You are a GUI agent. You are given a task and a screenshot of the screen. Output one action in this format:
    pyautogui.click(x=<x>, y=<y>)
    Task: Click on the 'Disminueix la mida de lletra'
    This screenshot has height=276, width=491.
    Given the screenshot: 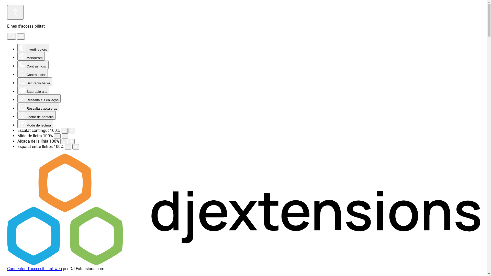 What is the action you would take?
    pyautogui.click(x=57, y=136)
    